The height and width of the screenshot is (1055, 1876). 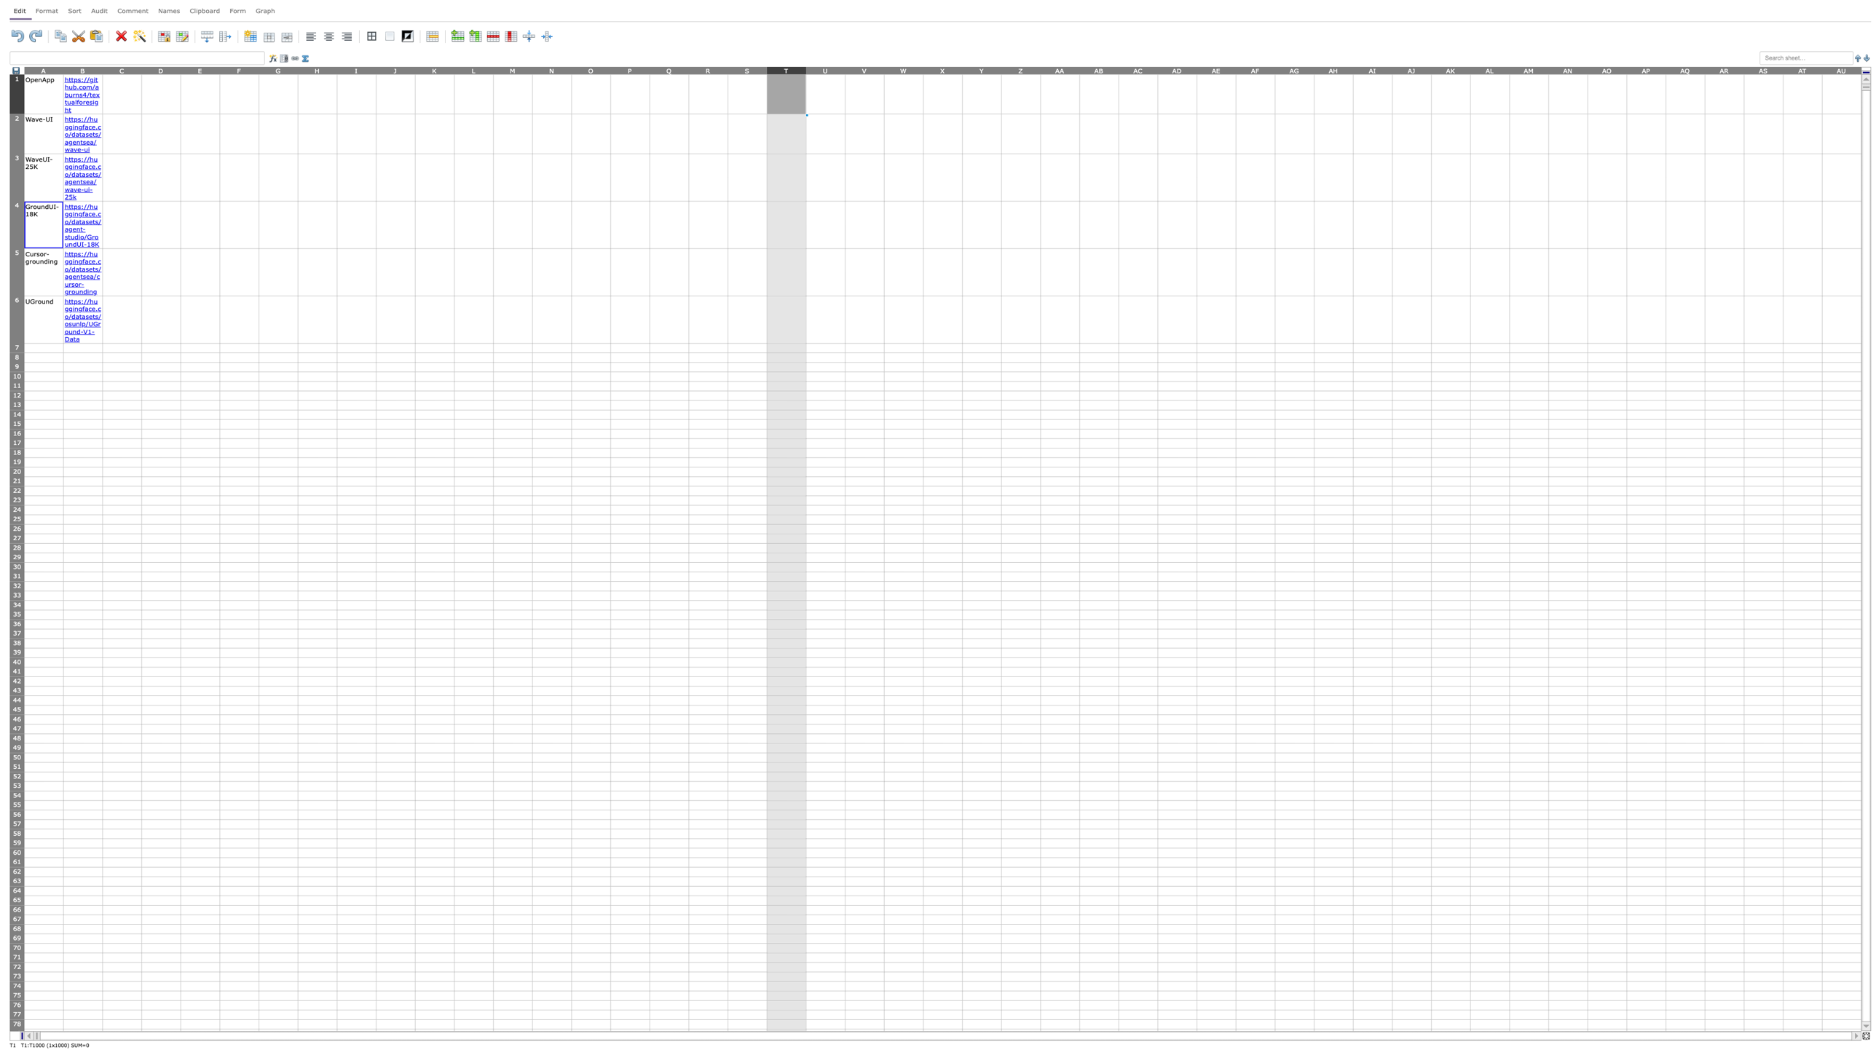 What do you see at coordinates (824, 69) in the screenshot?
I see `Move cursor to column U` at bounding box center [824, 69].